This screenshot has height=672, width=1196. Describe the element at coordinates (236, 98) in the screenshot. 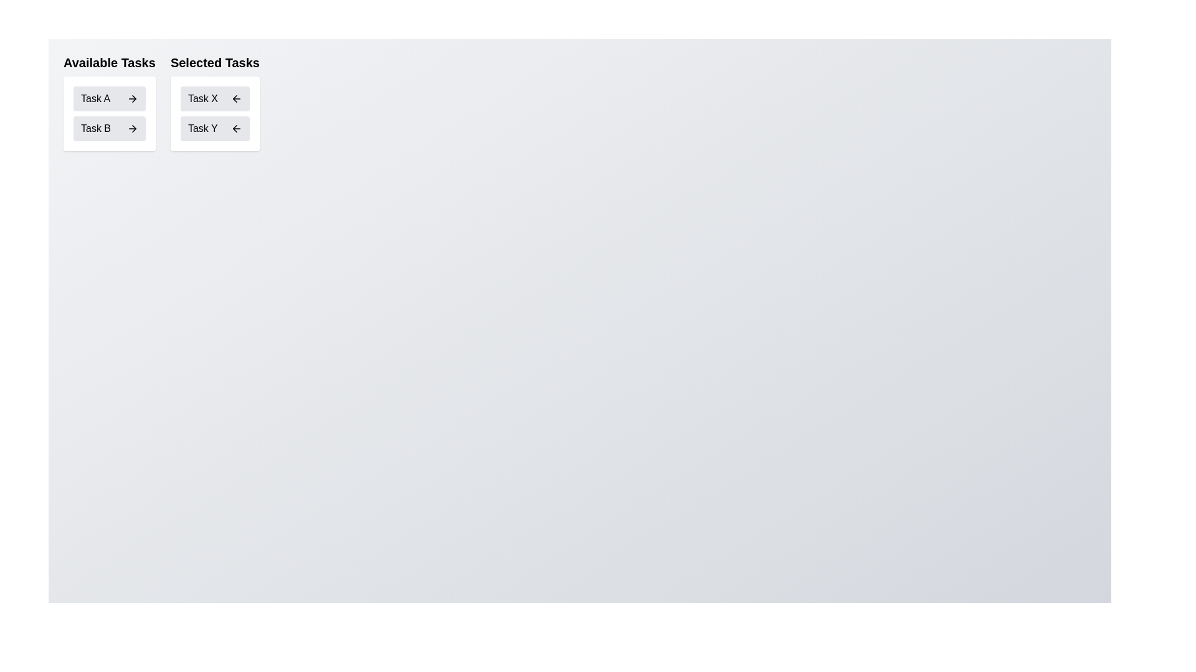

I see `left arrow button next to Task X in the 'Selected Tasks' list to transfer it to 'Available Tasks'` at that location.